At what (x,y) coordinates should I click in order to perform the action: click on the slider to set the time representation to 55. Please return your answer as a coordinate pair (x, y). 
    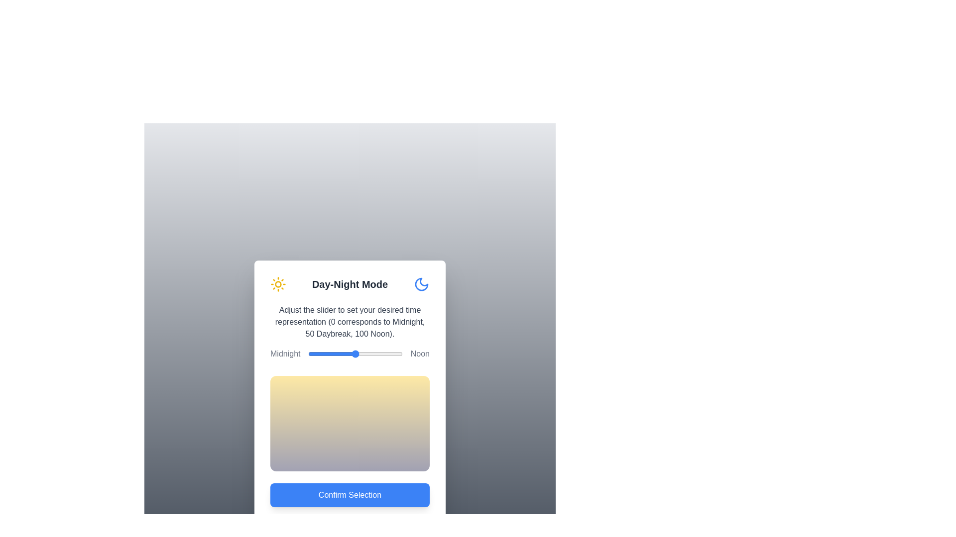
    Looking at the image, I should click on (359, 354).